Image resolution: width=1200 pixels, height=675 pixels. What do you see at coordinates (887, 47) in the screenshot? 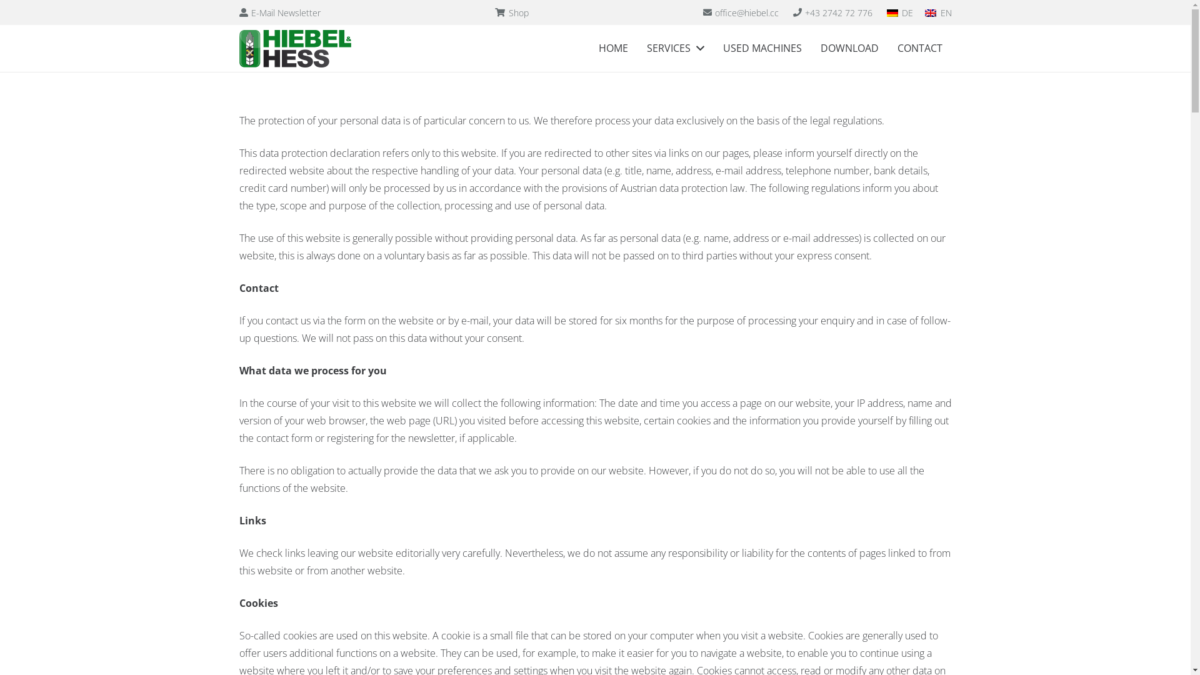
I see `'CONTACT'` at bounding box center [887, 47].